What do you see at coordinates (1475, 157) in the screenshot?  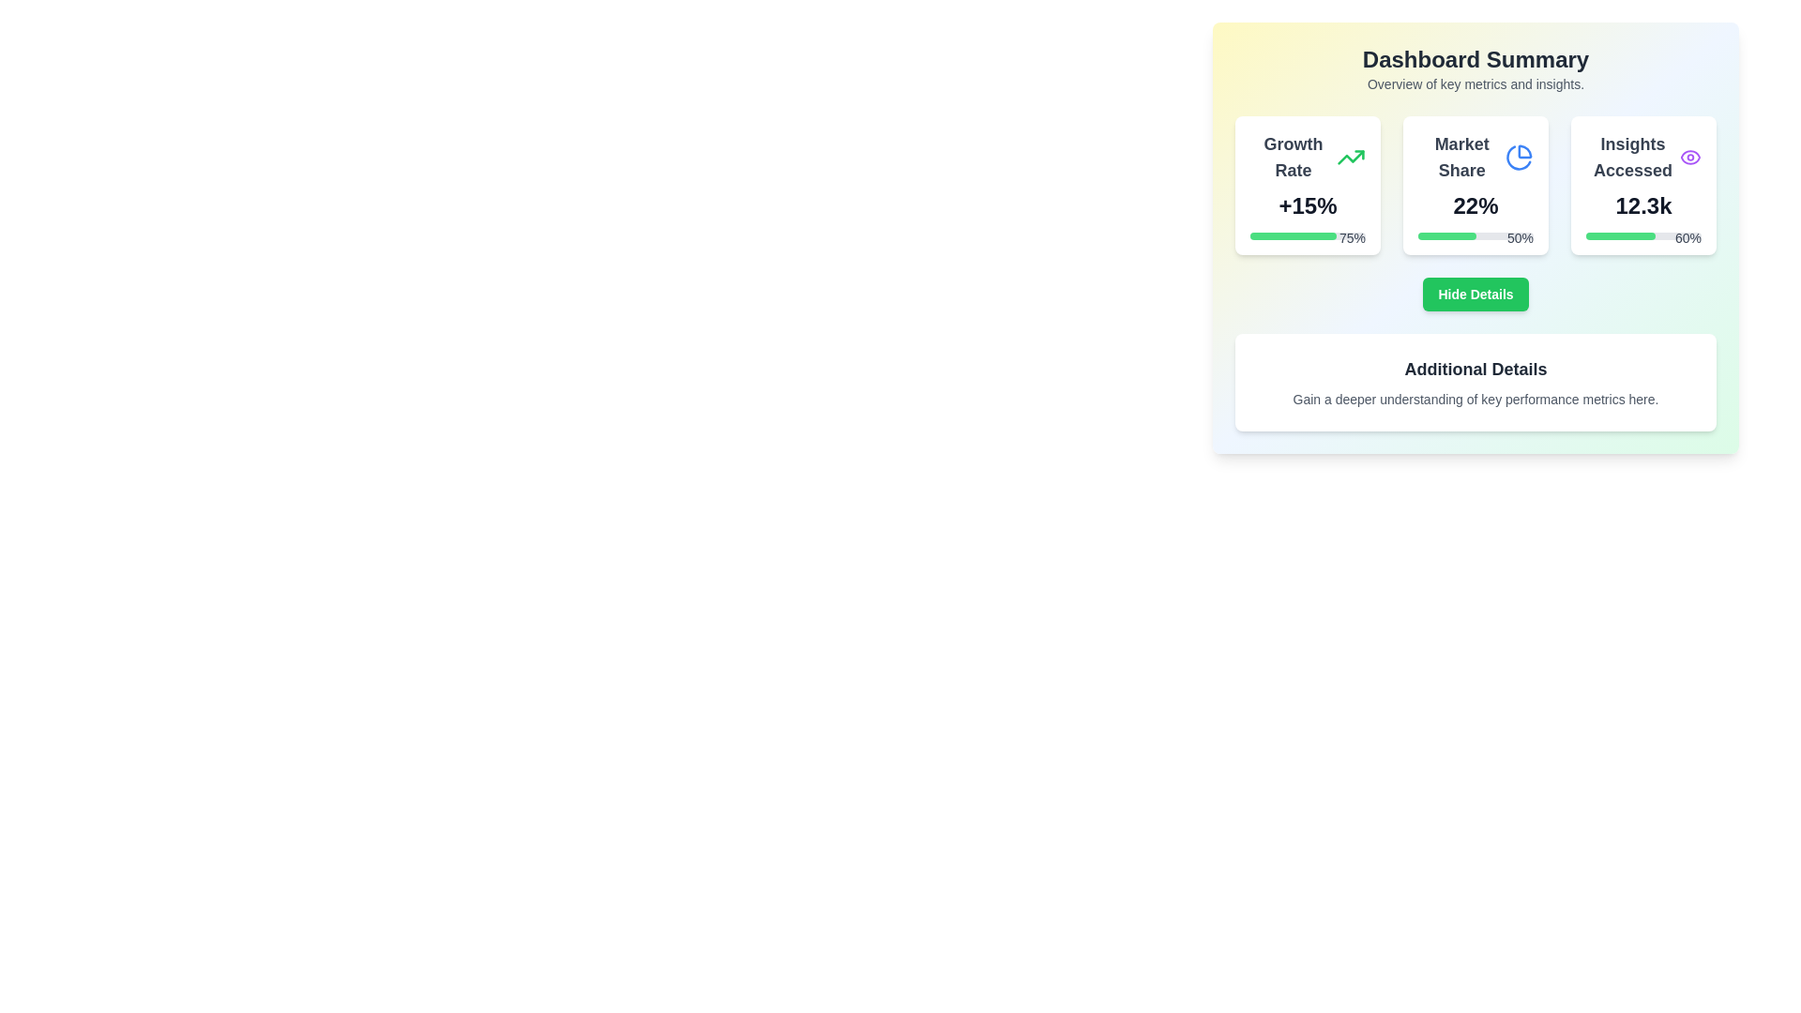 I see `text label 'Market Share' which is bold and accompanied by a blue pie chart icon, located in the center of the dashboard between 'Growth Rate' and 'Insights Accessed'` at bounding box center [1475, 157].